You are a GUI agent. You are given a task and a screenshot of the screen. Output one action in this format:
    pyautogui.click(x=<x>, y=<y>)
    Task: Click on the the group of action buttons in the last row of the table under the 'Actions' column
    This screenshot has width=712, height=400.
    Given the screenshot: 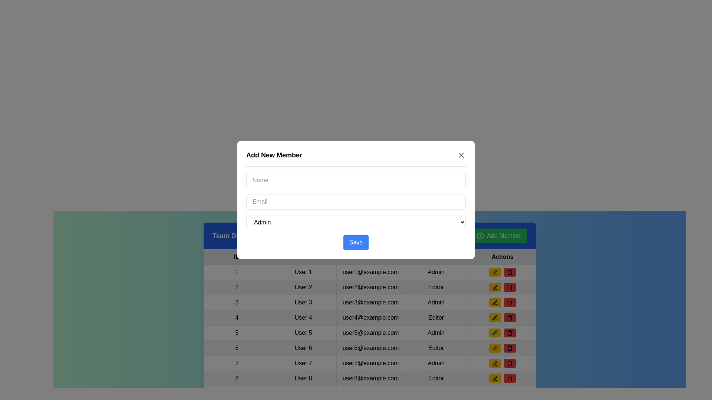 What is the action you would take?
    pyautogui.click(x=502, y=379)
    